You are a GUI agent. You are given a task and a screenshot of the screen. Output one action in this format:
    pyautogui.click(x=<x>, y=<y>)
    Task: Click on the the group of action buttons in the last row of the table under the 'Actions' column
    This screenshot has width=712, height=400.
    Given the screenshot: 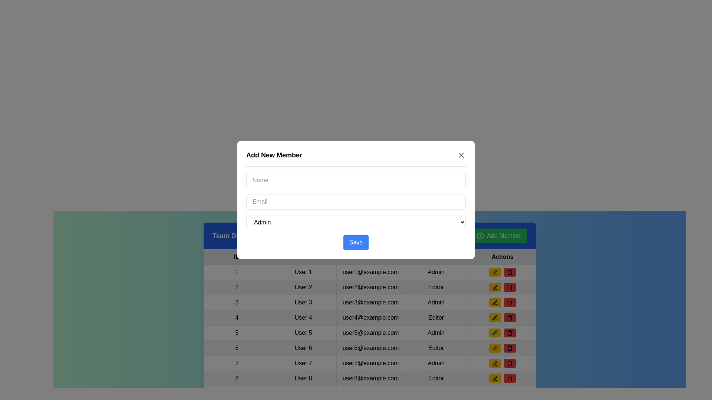 What is the action you would take?
    pyautogui.click(x=502, y=379)
    